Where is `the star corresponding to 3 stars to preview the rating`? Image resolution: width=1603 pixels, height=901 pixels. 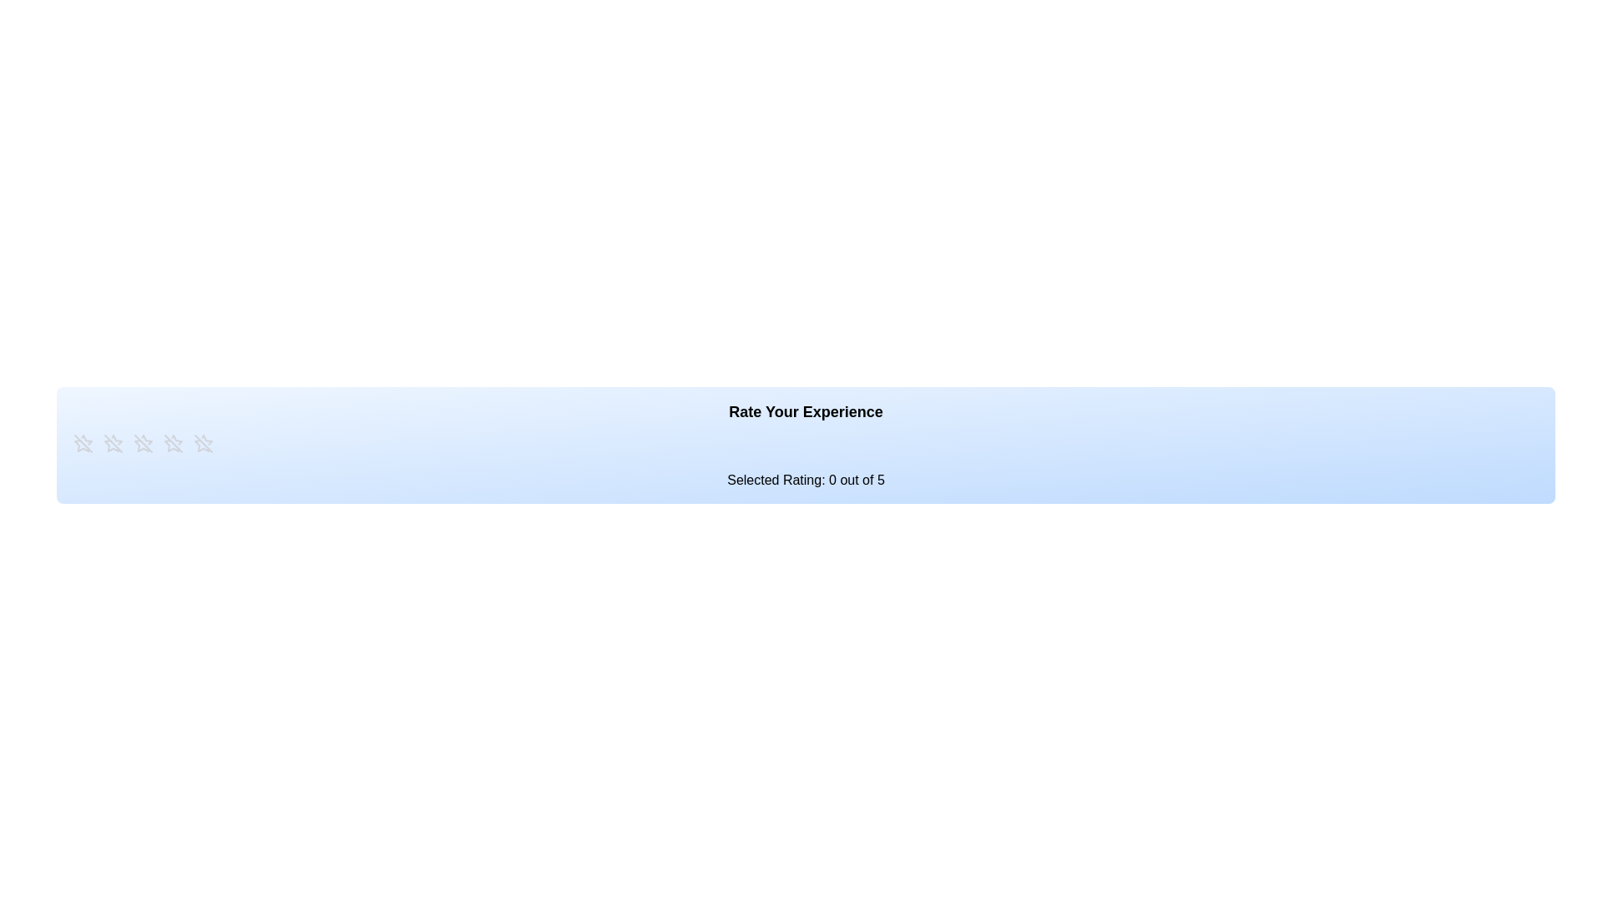
the star corresponding to 3 stars to preview the rating is located at coordinates (144, 443).